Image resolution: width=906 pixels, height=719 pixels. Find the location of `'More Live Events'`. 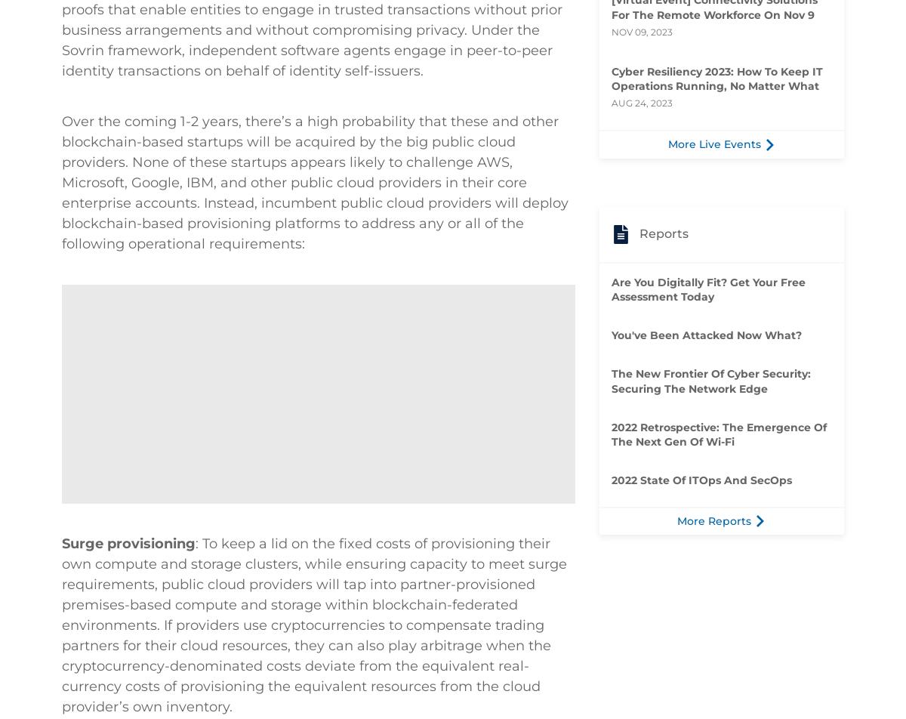

'More Live Events' is located at coordinates (713, 143).